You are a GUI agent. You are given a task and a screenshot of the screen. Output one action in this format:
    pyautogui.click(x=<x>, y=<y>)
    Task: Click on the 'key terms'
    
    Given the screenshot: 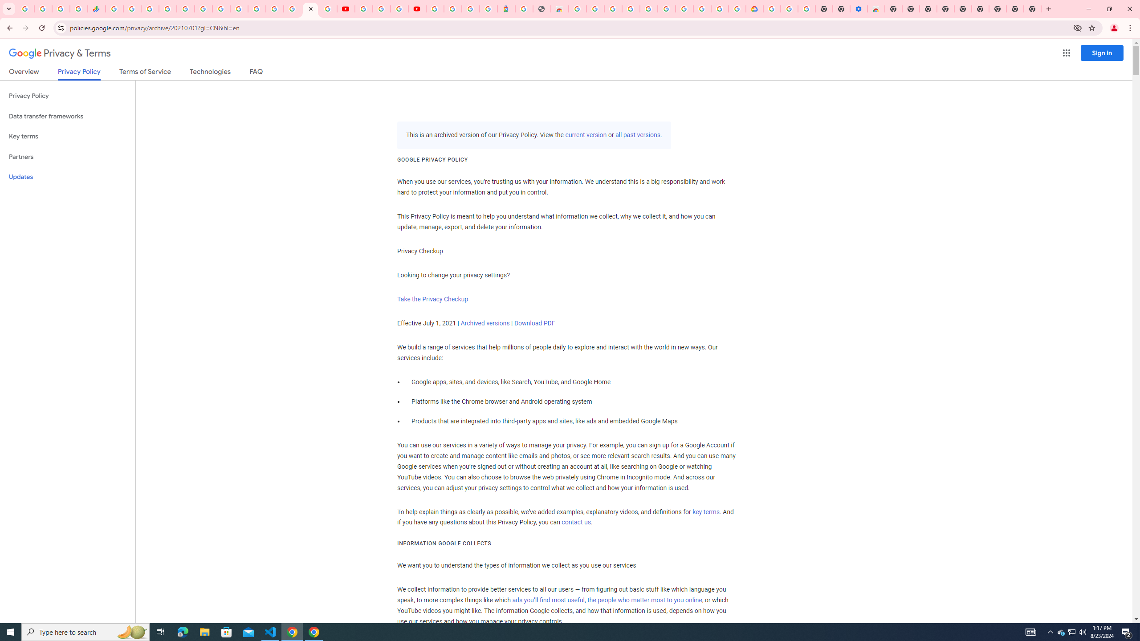 What is the action you would take?
    pyautogui.click(x=705, y=511)
    